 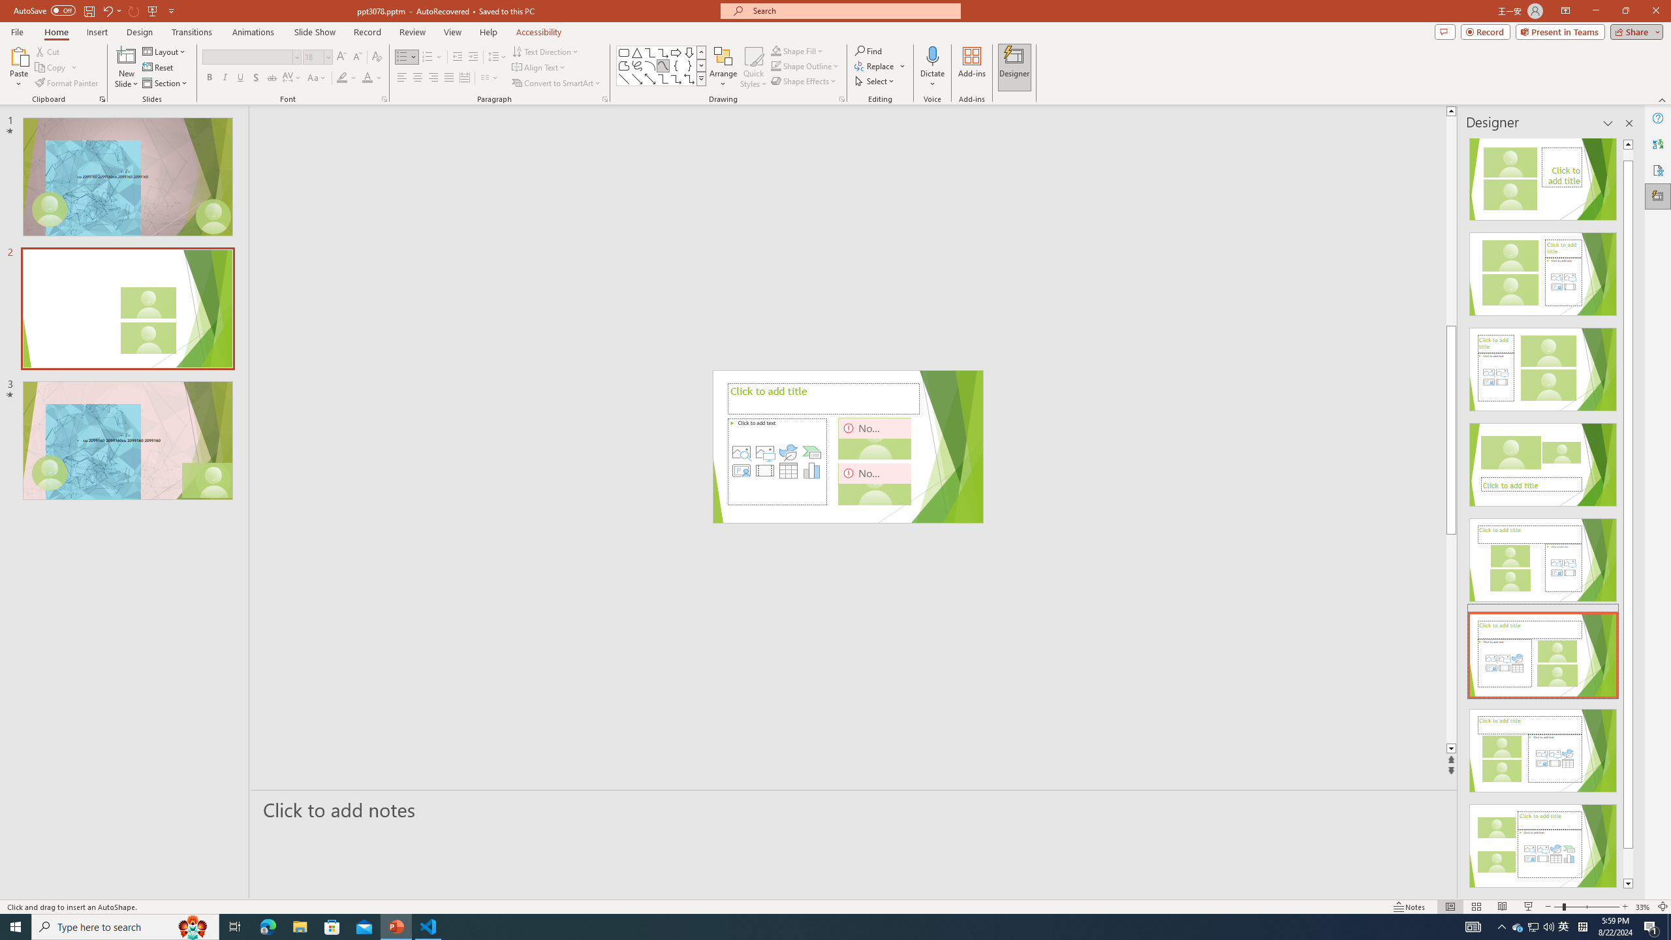 What do you see at coordinates (1642, 907) in the screenshot?
I see `'Zoom 33%'` at bounding box center [1642, 907].